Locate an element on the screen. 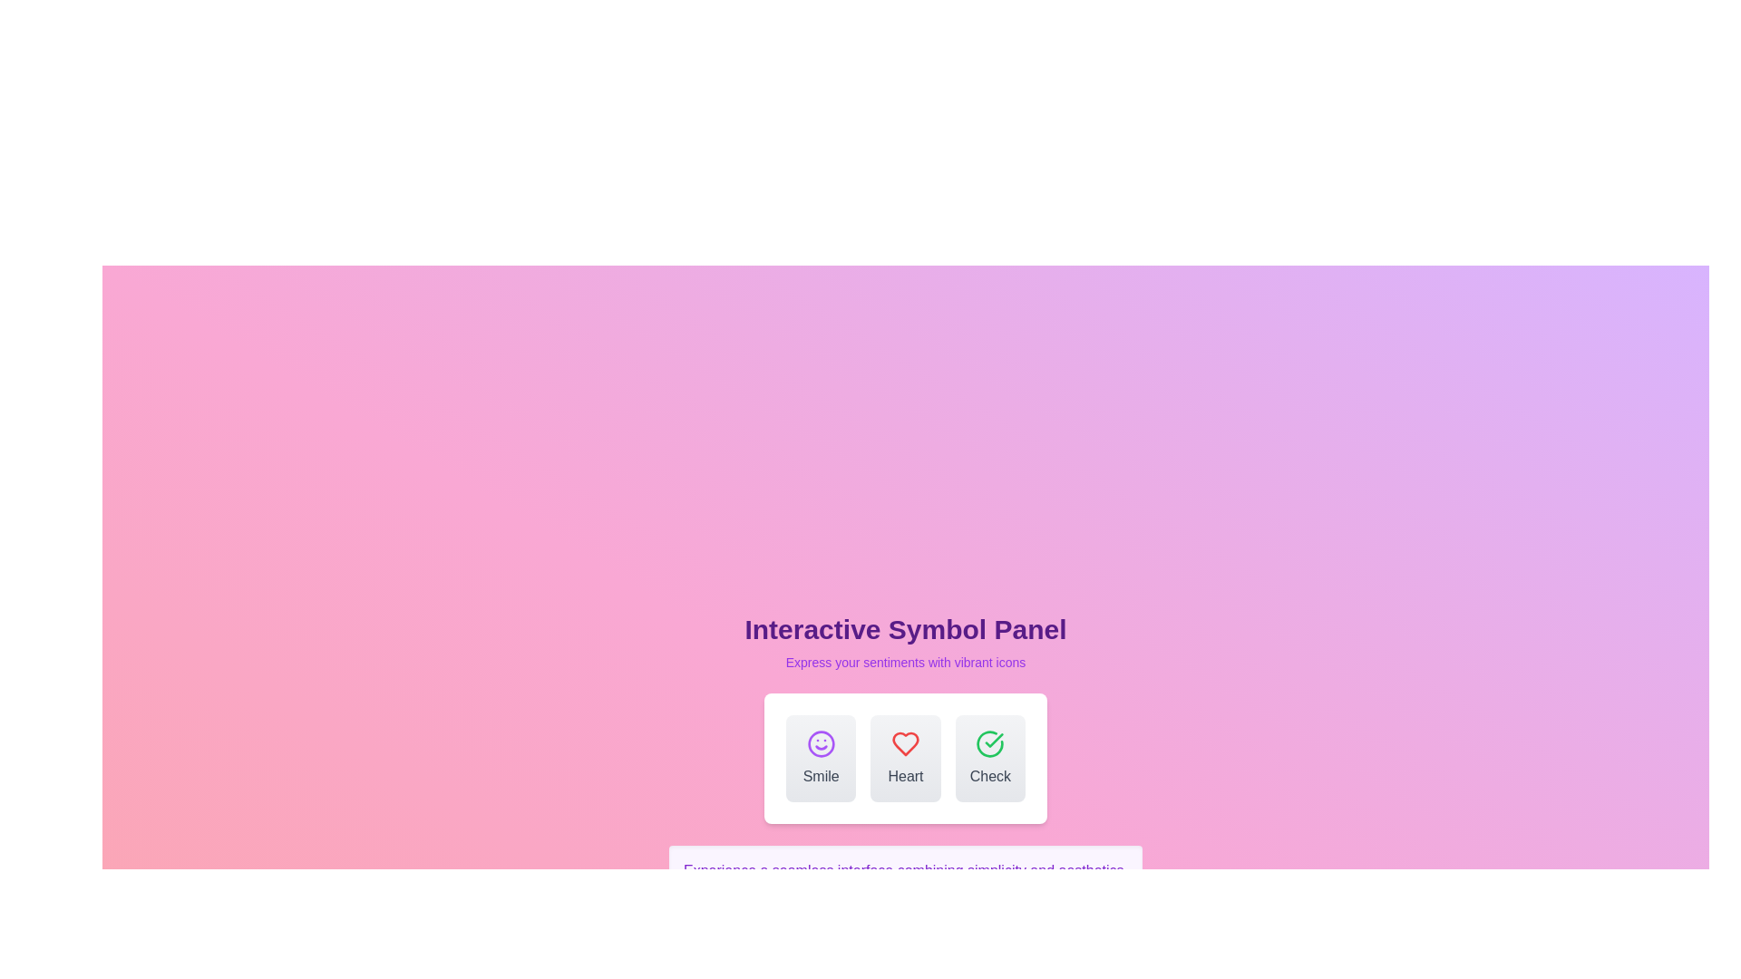 The image size is (1741, 979). the heart icon, which represents a 'like' or 'love' sentiment, located in the second position of a horizontal row of three icons below the 'Interactive Symbol Panel' header is located at coordinates (905, 744).